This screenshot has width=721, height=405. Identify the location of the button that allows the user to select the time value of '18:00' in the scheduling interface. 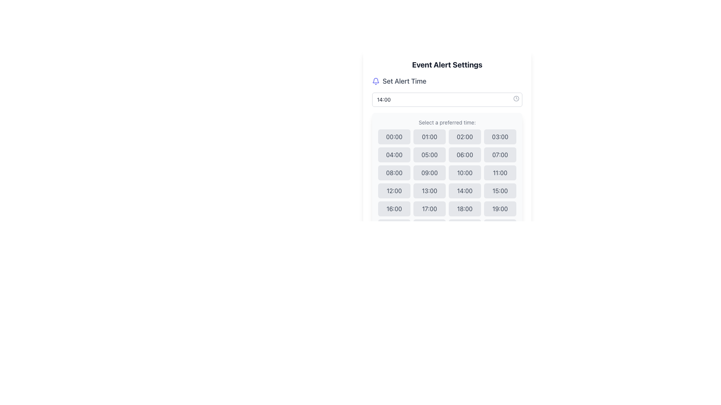
(465, 208).